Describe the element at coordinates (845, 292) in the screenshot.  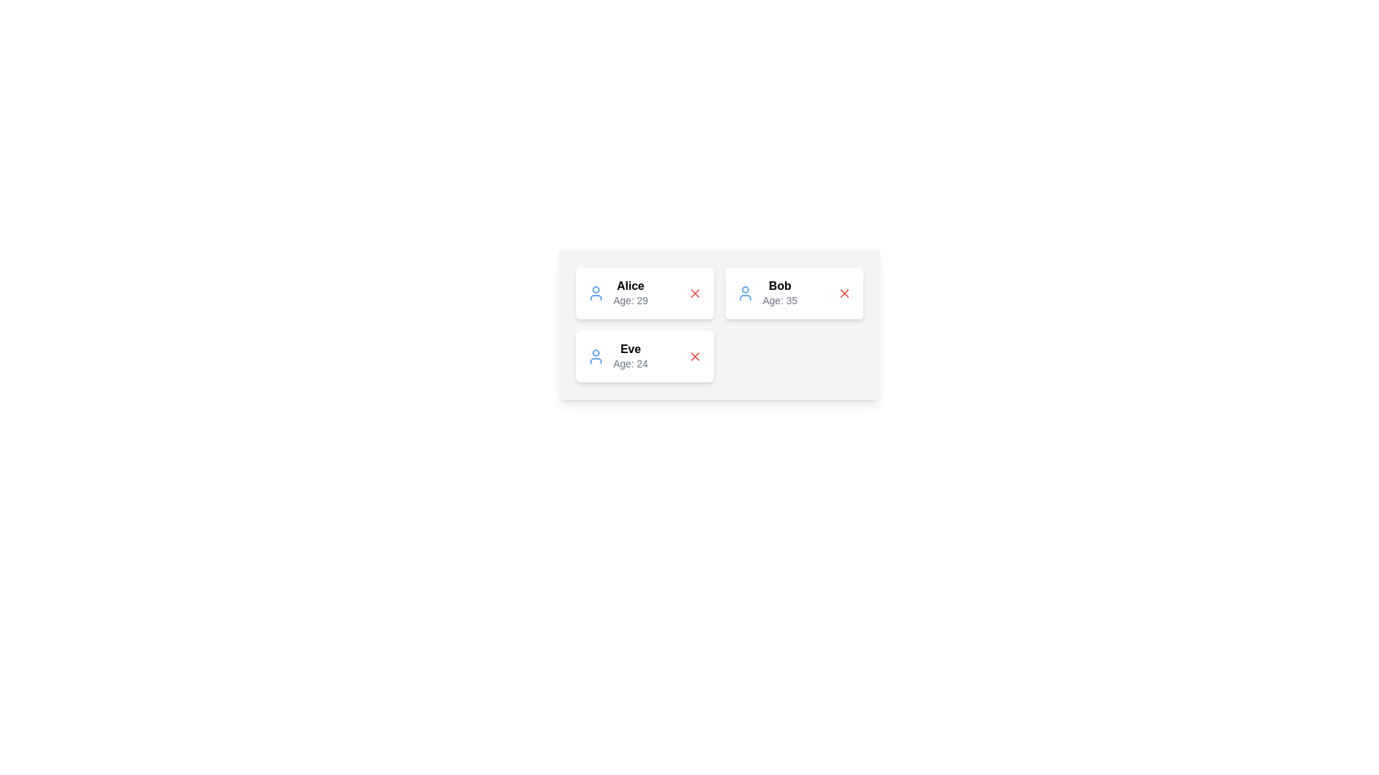
I see `the close button for the user card of Bob` at that location.